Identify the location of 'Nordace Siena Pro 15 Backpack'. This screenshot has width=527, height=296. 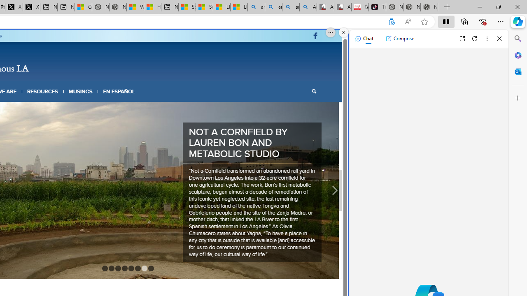
(412, 7).